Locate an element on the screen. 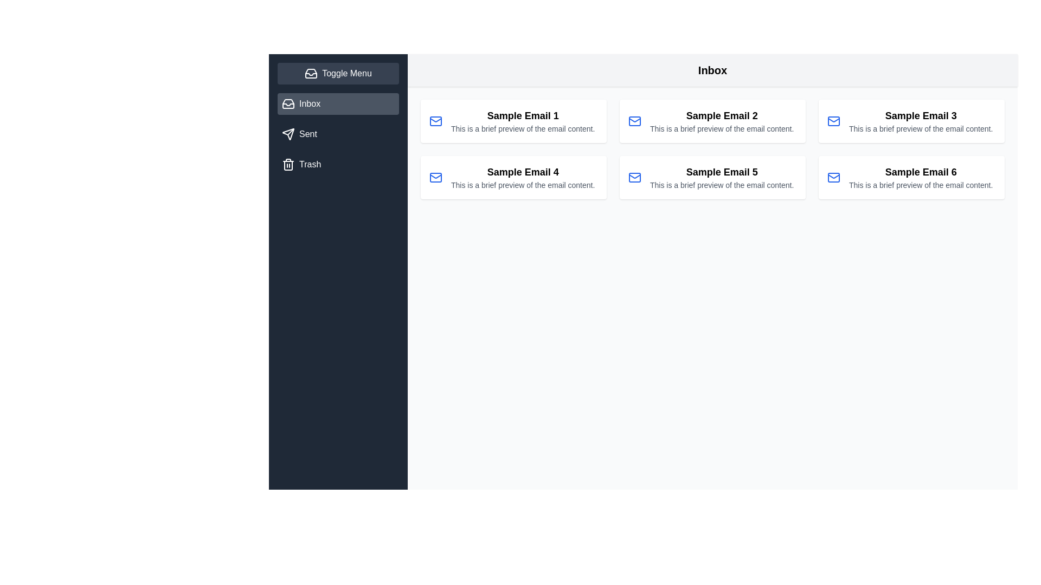 The height and width of the screenshot is (585, 1041). the outlined inbox icon located within the 'Inbox' button of the vertical navigation menu, positioned below the 'Toggle Menu' button is located at coordinates (288, 104).